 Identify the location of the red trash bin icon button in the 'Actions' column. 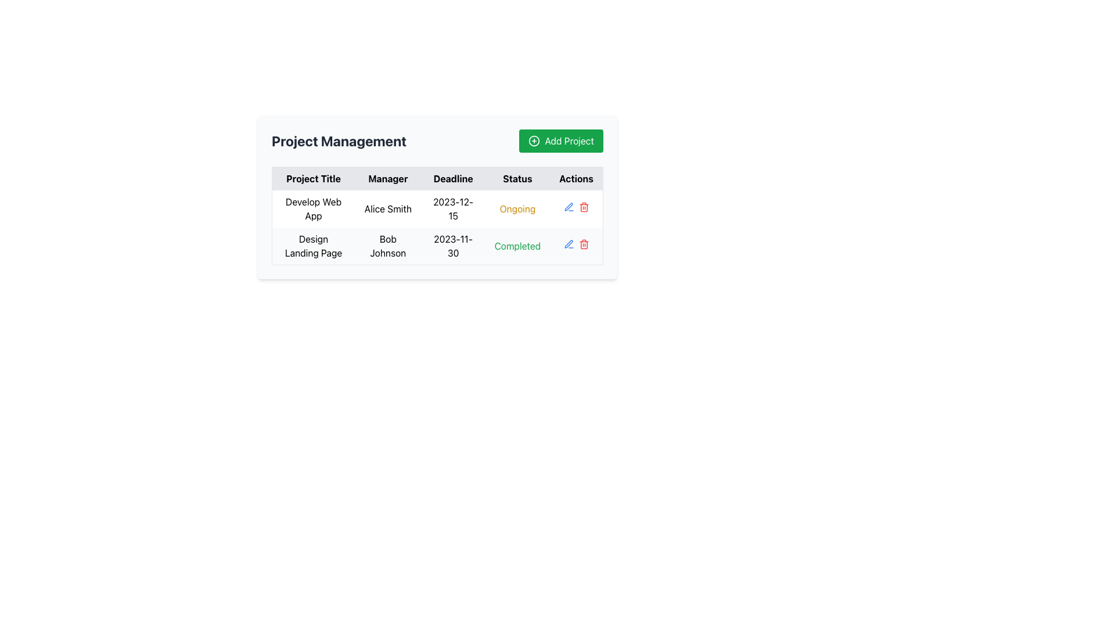
(584, 207).